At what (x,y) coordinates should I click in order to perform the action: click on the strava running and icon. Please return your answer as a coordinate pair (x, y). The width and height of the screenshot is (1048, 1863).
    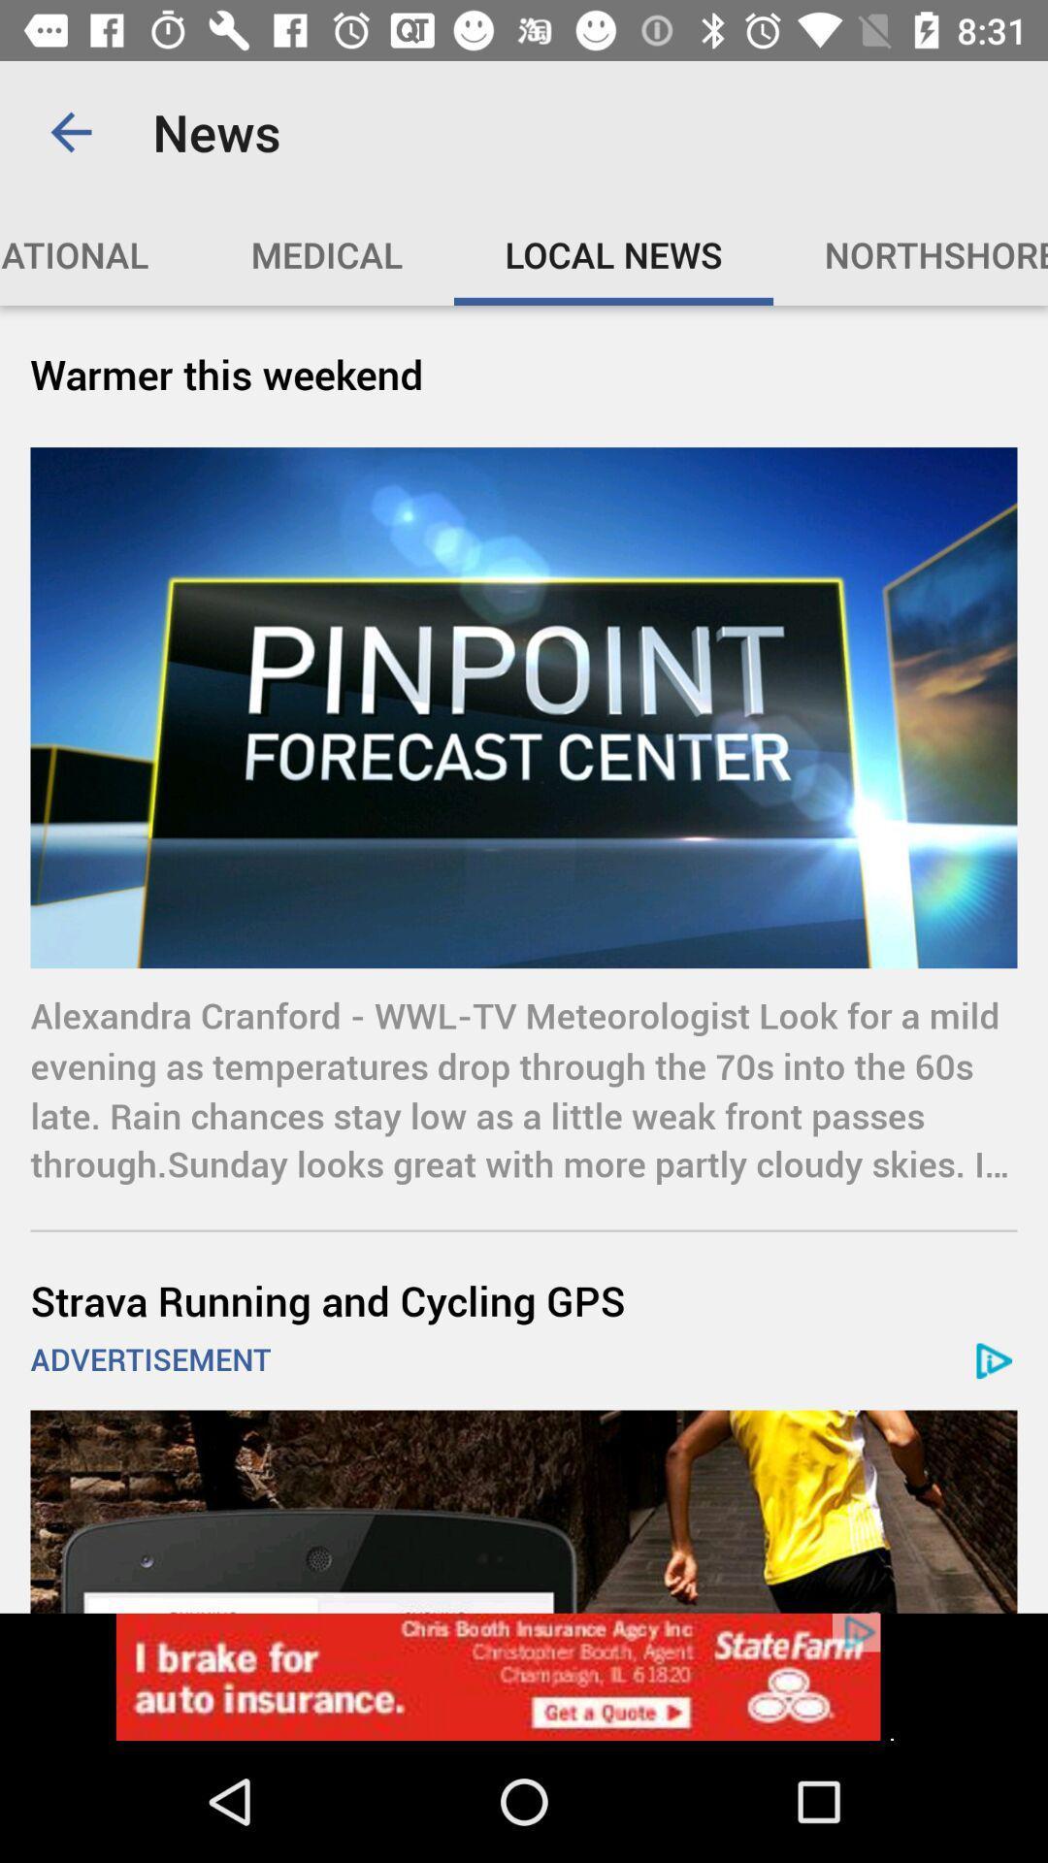
    Looking at the image, I should click on (524, 1300).